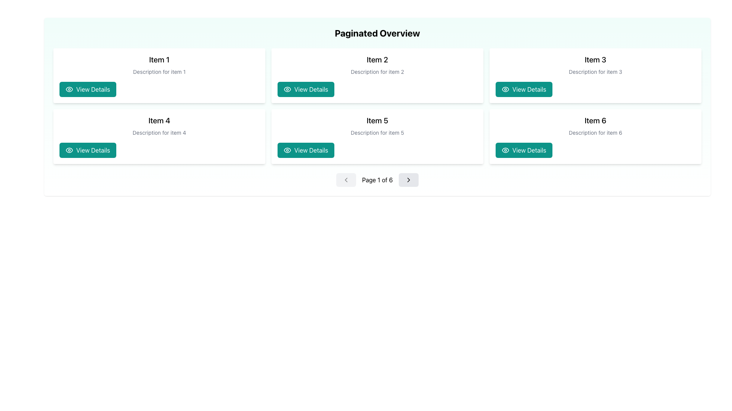  What do you see at coordinates (377, 72) in the screenshot?
I see `the Text label that provides a description or subtitle for 'Item 2', located directly below the title and above the 'View Details' button` at bounding box center [377, 72].